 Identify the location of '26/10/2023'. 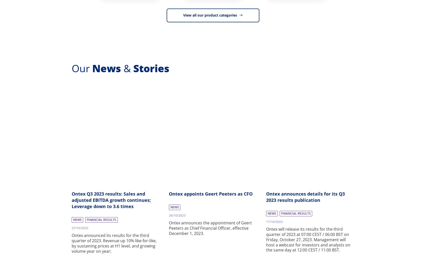
(177, 215).